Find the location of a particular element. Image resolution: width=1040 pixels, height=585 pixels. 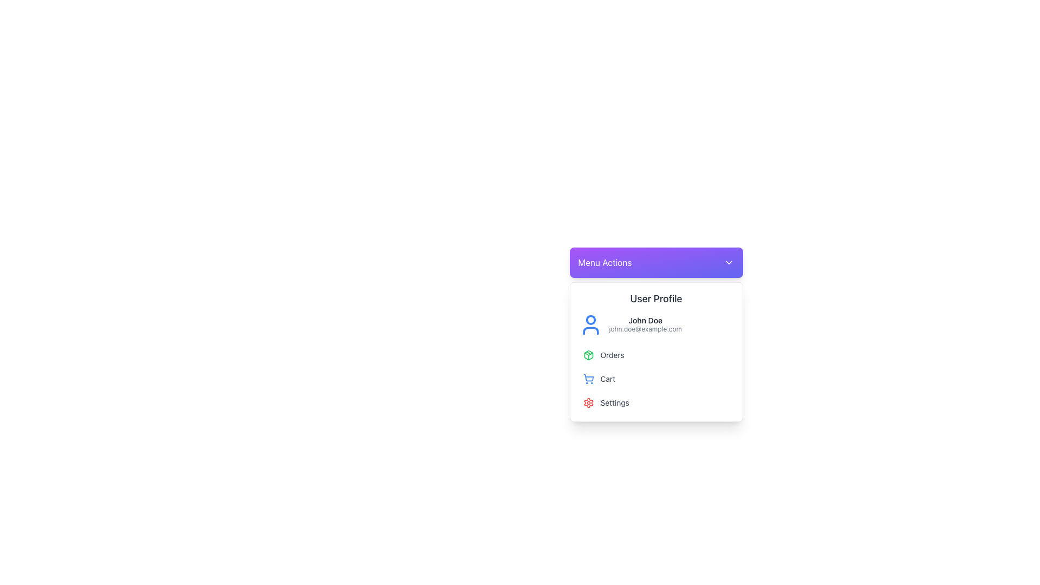

the Text display area that shows the user's name and email address, positioned under the title 'User Profile' and to the right of the user icon is located at coordinates (645, 324).